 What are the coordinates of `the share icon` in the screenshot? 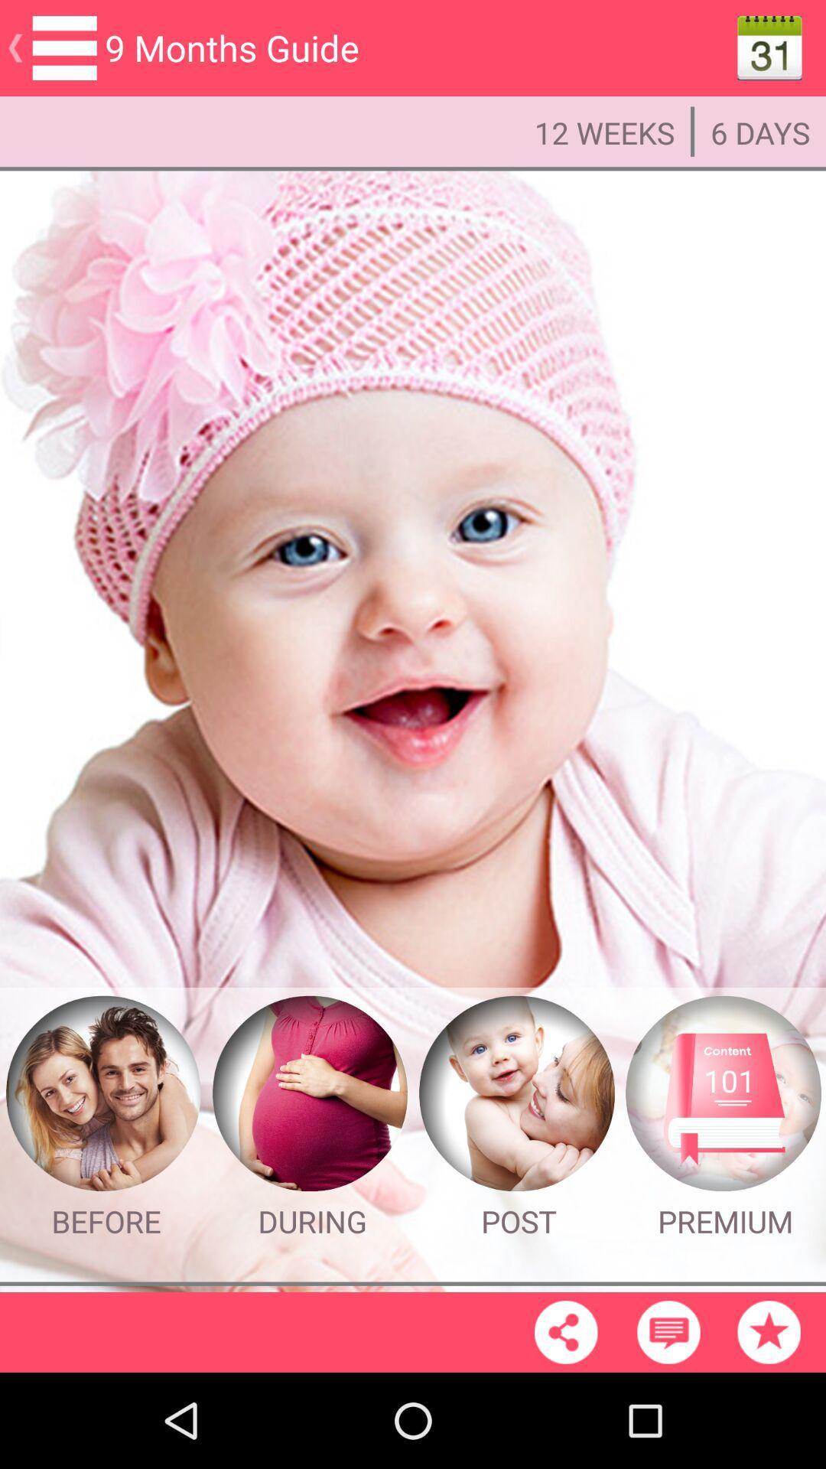 It's located at (566, 1425).